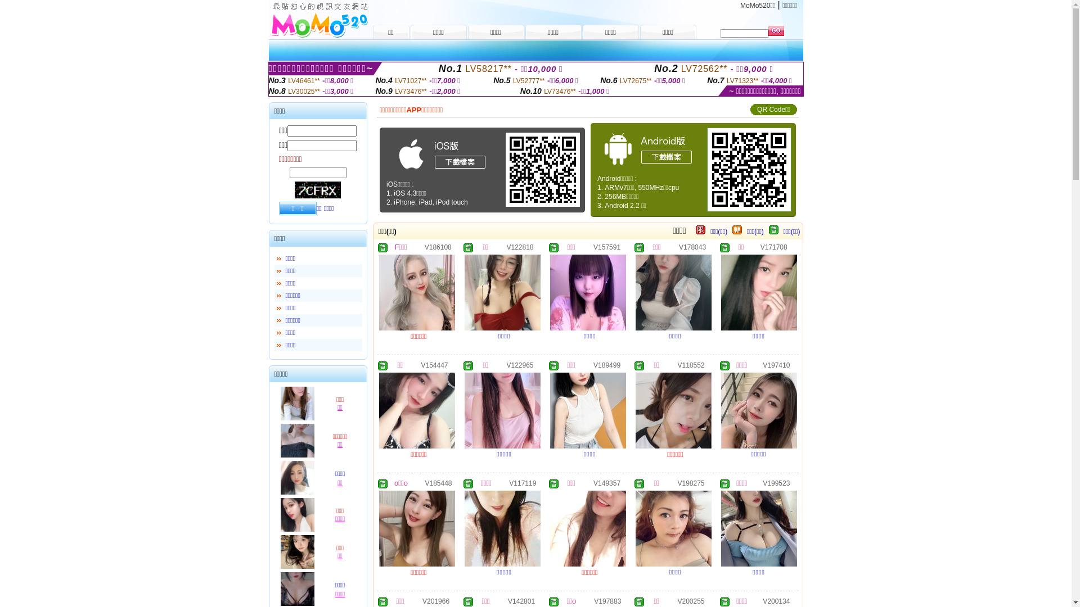  I want to click on 'V201966', so click(435, 600).